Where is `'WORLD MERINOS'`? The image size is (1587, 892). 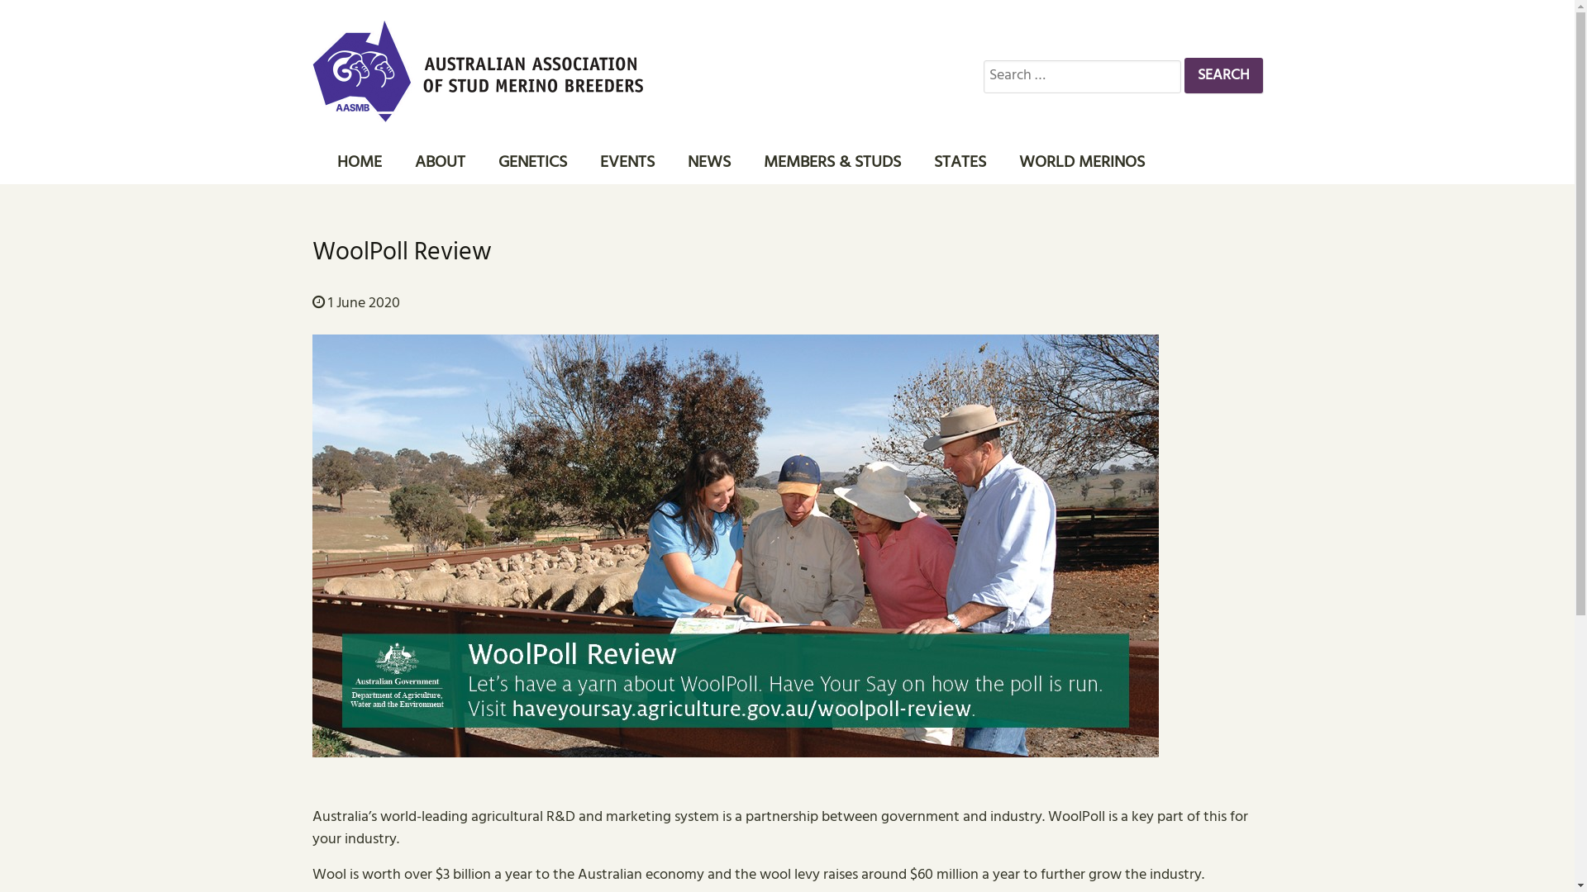 'WORLD MERINOS' is located at coordinates (1080, 162).